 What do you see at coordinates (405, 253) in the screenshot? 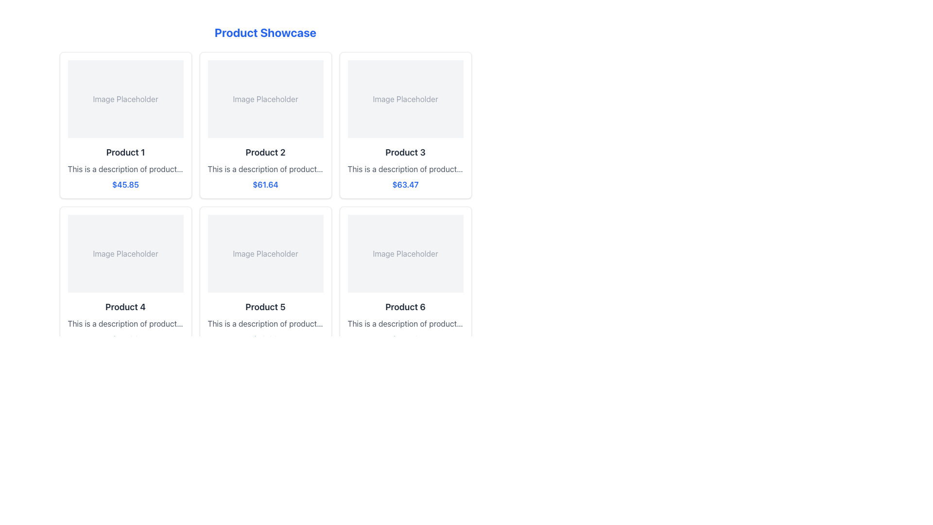
I see `the image placeholder section for 'Product 6' to add or replace the image` at bounding box center [405, 253].